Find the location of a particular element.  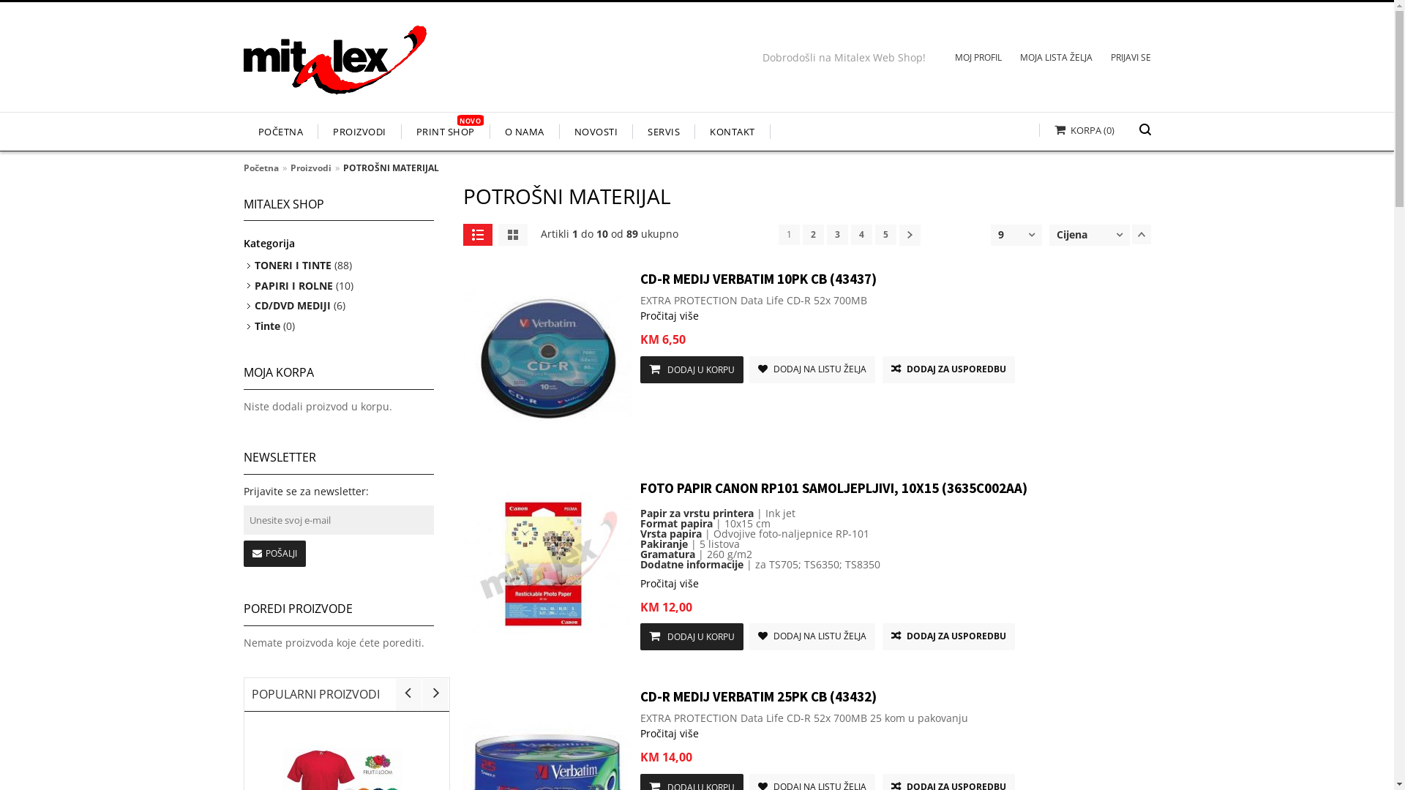

'4' is located at coordinates (861, 233).